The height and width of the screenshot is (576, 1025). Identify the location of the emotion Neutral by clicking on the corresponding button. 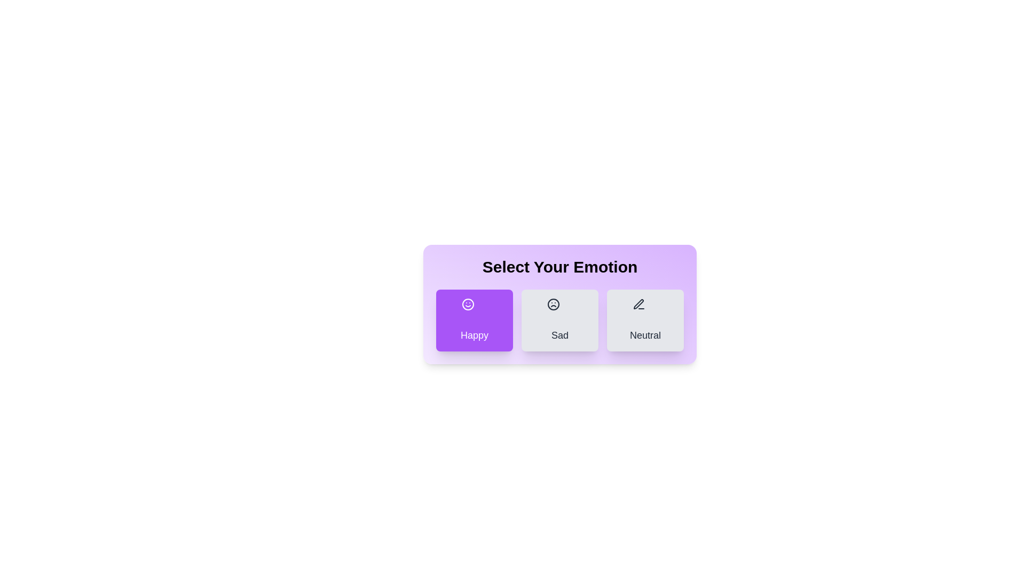
(645, 320).